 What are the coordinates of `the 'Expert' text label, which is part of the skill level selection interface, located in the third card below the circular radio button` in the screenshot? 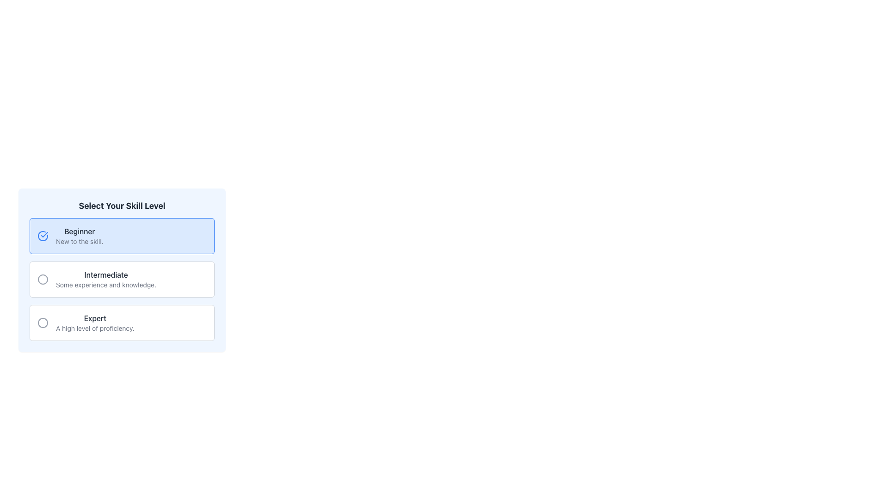 It's located at (95, 318).